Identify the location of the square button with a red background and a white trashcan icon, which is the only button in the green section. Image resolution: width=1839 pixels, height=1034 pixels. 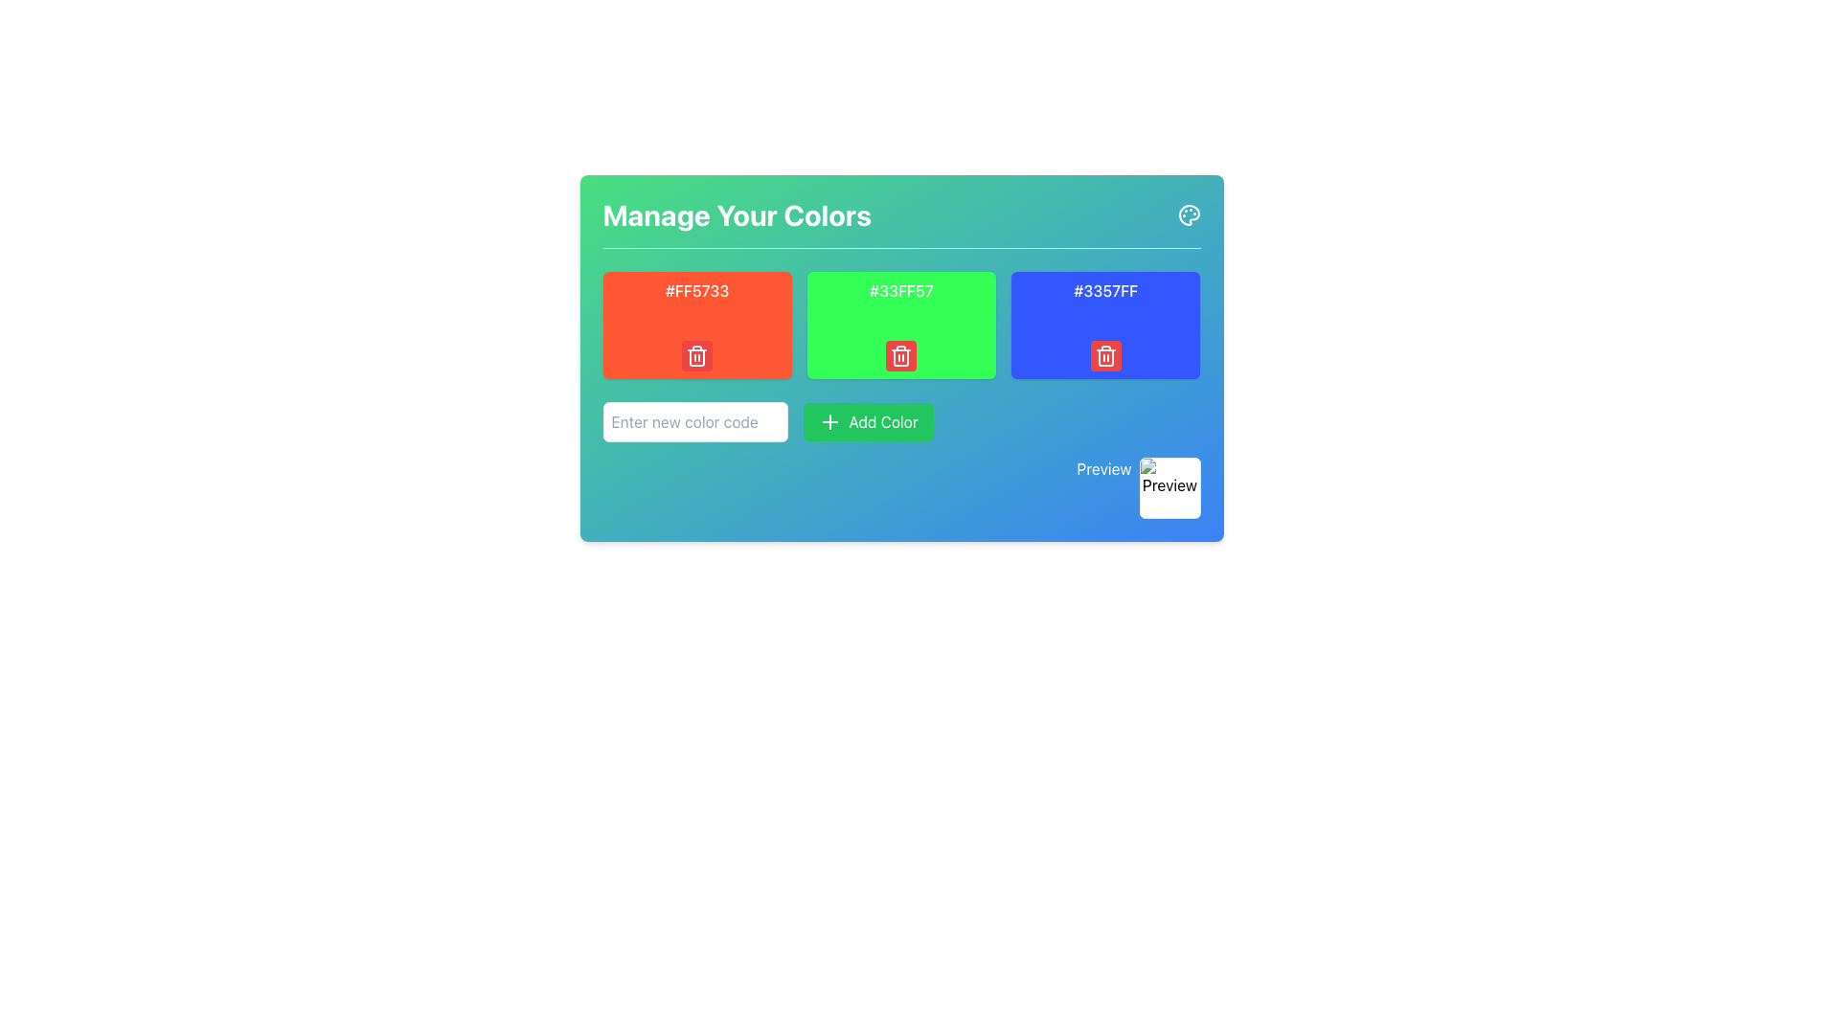
(900, 355).